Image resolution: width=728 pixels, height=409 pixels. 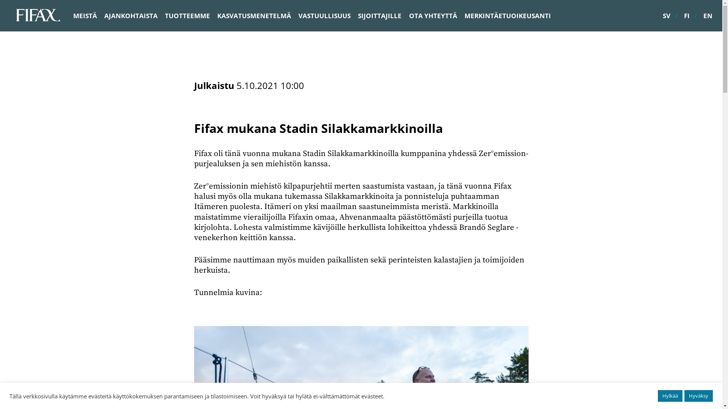 I want to click on 'EN', so click(x=708, y=16).